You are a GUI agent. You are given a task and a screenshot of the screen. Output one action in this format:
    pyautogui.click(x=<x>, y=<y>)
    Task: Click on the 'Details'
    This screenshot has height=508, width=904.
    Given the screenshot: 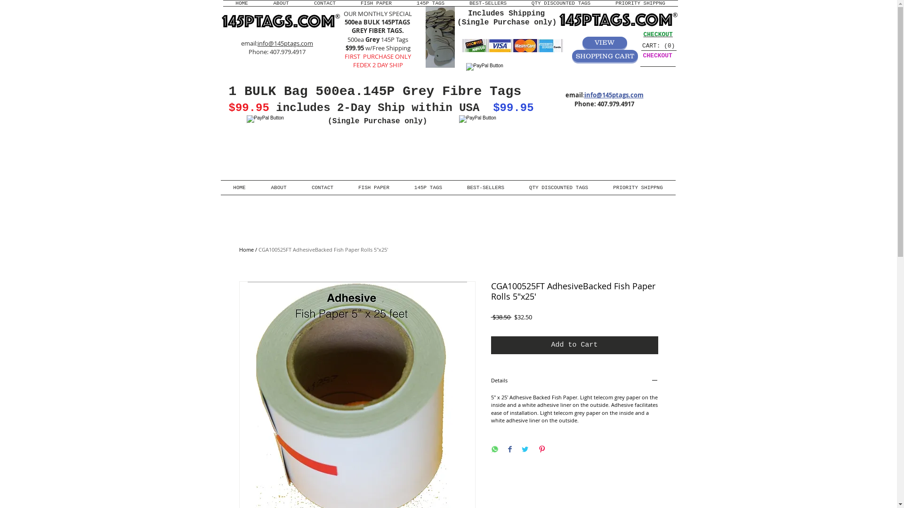 What is the action you would take?
    pyautogui.click(x=573, y=381)
    